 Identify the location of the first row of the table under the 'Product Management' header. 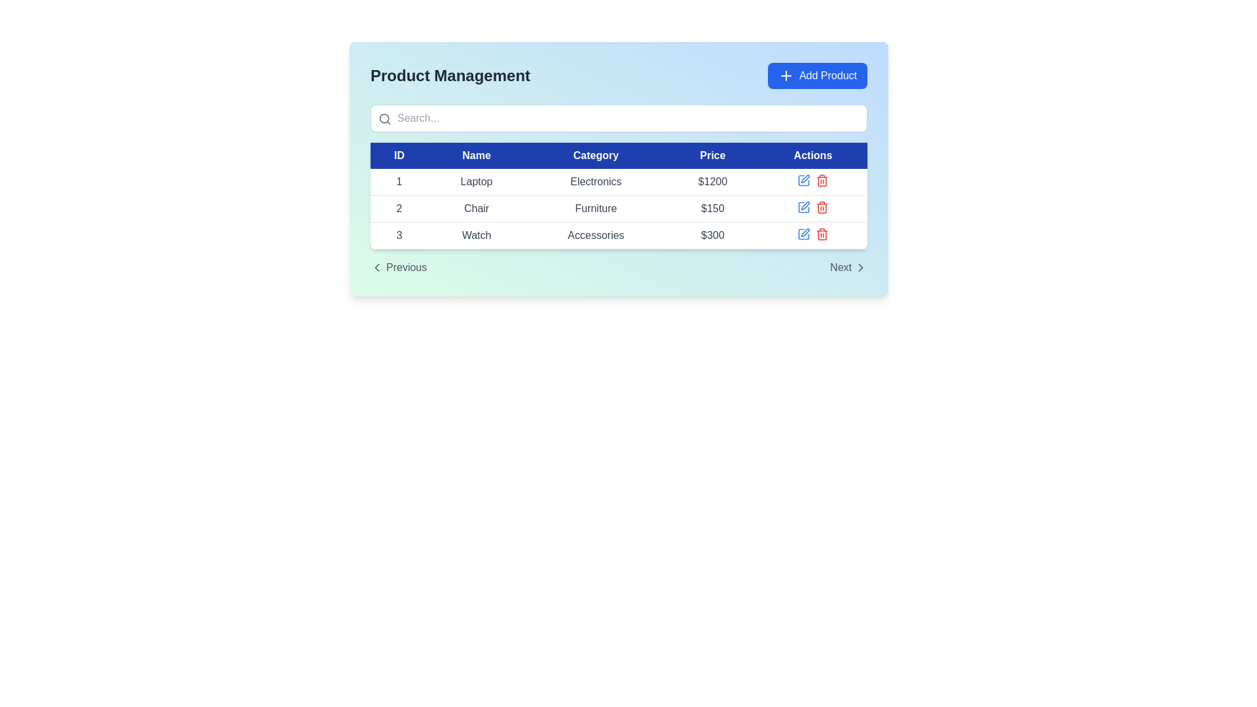
(618, 182).